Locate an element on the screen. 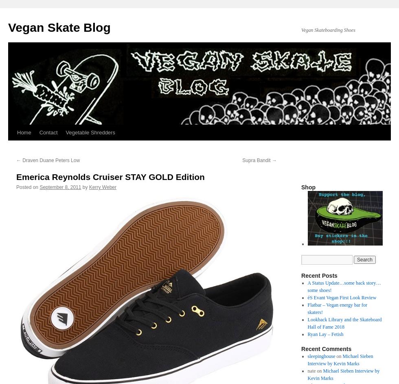 This screenshot has width=399, height=384. 'éS Evant Vegan  First Look Review' is located at coordinates (342, 297).